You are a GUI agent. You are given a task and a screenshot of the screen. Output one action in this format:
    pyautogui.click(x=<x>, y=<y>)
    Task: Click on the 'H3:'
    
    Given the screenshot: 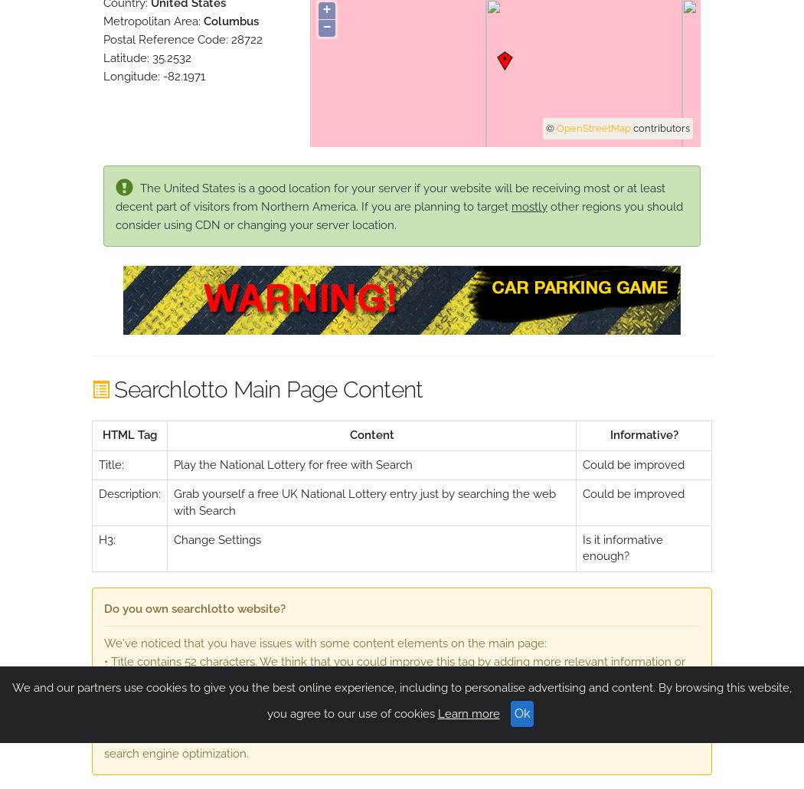 What is the action you would take?
    pyautogui.click(x=106, y=540)
    